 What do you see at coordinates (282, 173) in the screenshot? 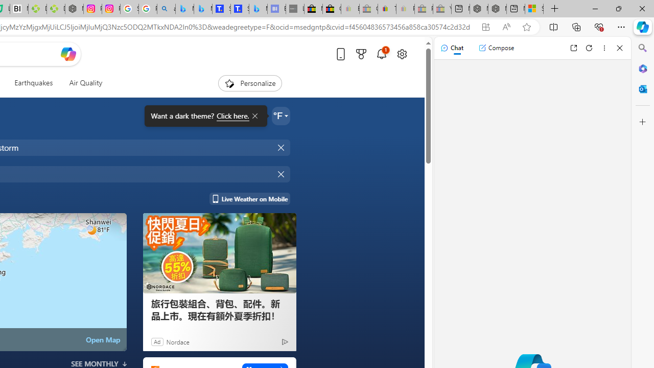
I see `'Hide'` at bounding box center [282, 173].